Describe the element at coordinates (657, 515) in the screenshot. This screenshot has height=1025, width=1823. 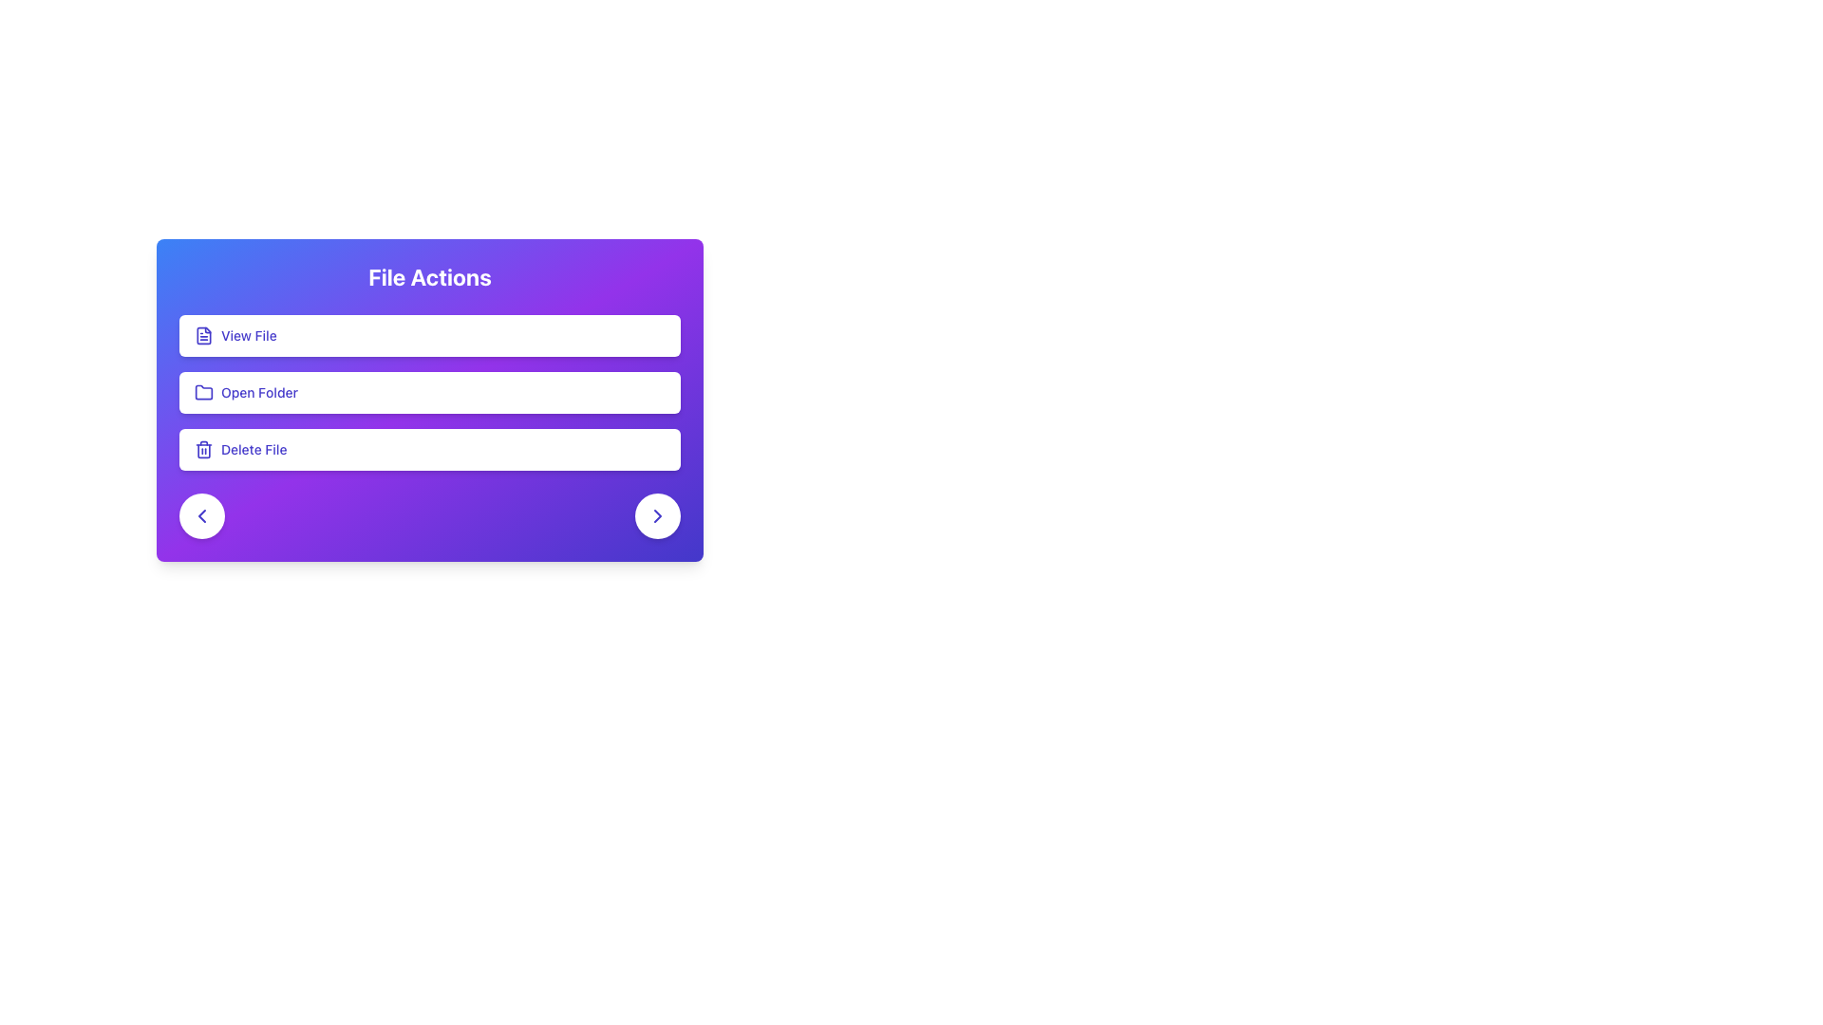
I see `the rightmost interactive button in the lower-right corner of the purple rectangular card, which serves as a navigation control indicated by a right-pointing arrow` at that location.